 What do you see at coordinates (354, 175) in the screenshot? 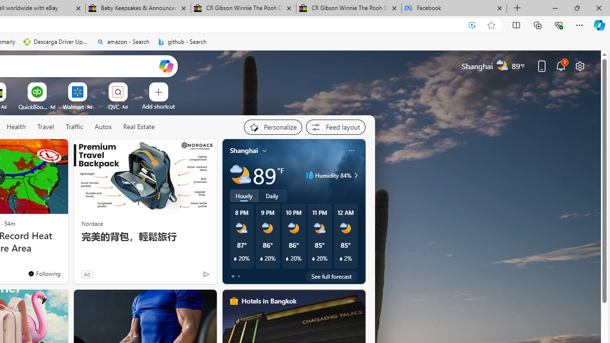
I see `'Humidity 84%'` at bounding box center [354, 175].